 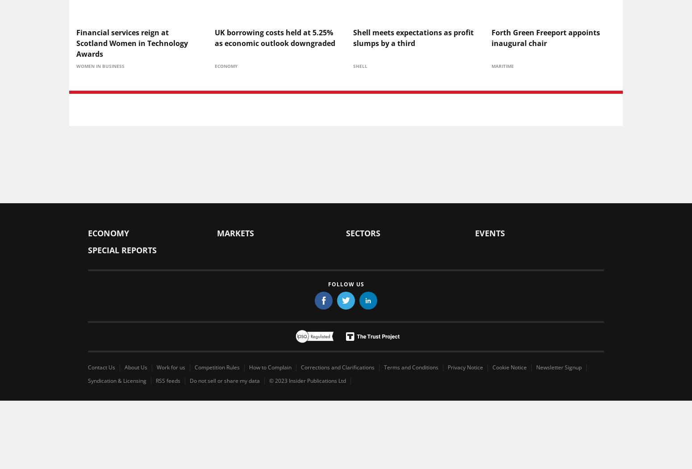 I want to click on 'Follow us', so click(x=346, y=284).